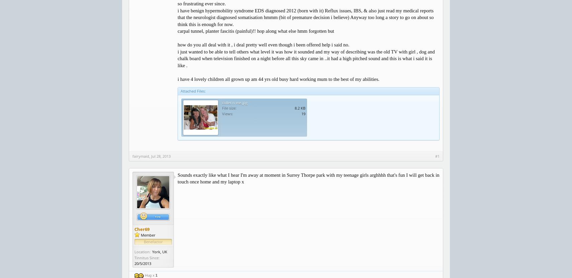 The height and width of the screenshot is (278, 572). Describe the element at coordinates (177, 31) in the screenshot. I see `'carpal tunnel, planter fascitis (painful)!! hop along  what else hmm forgotten but'` at that location.